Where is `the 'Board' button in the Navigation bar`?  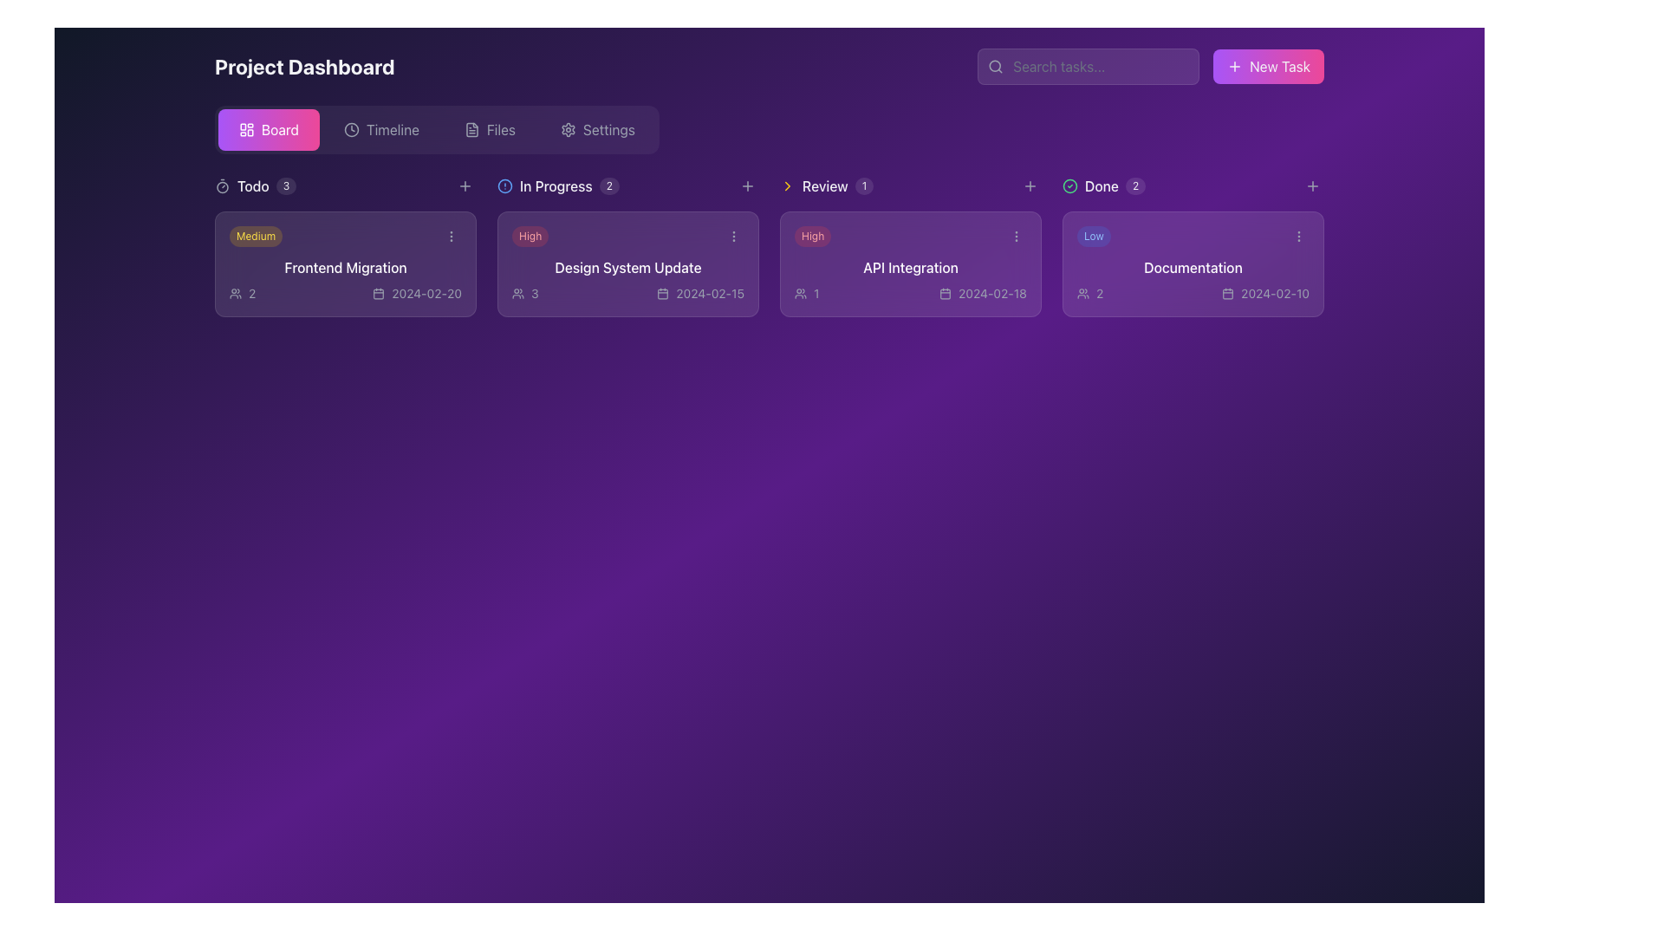
the 'Board' button in the Navigation bar is located at coordinates (437, 129).